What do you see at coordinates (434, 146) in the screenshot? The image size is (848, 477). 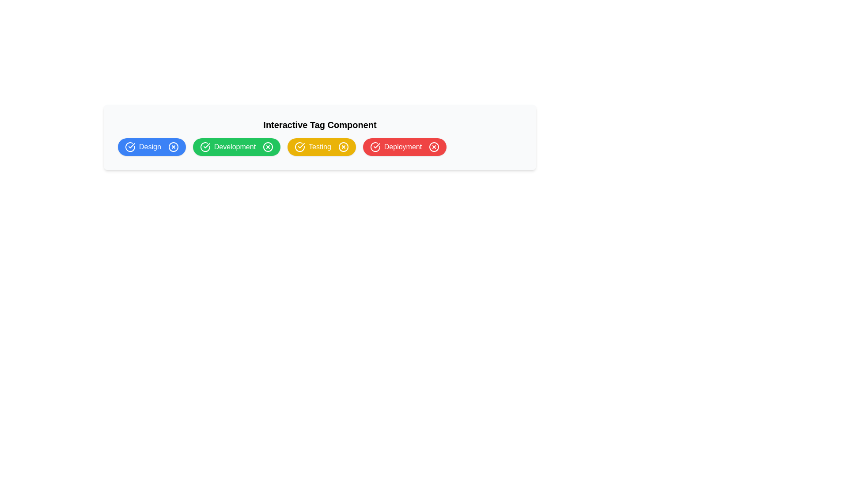 I see `the red circular close icon located within the 'Deployment' tag at the far right of the interactive tag list` at bounding box center [434, 146].